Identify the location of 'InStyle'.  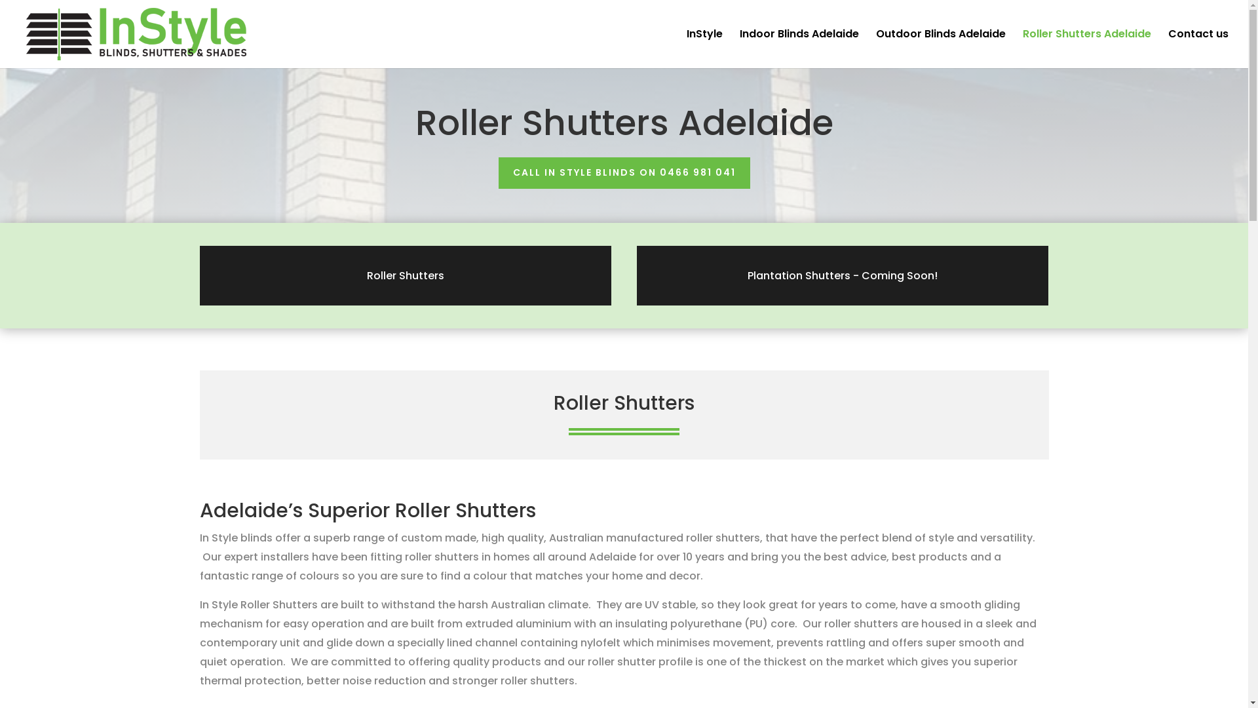
(704, 48).